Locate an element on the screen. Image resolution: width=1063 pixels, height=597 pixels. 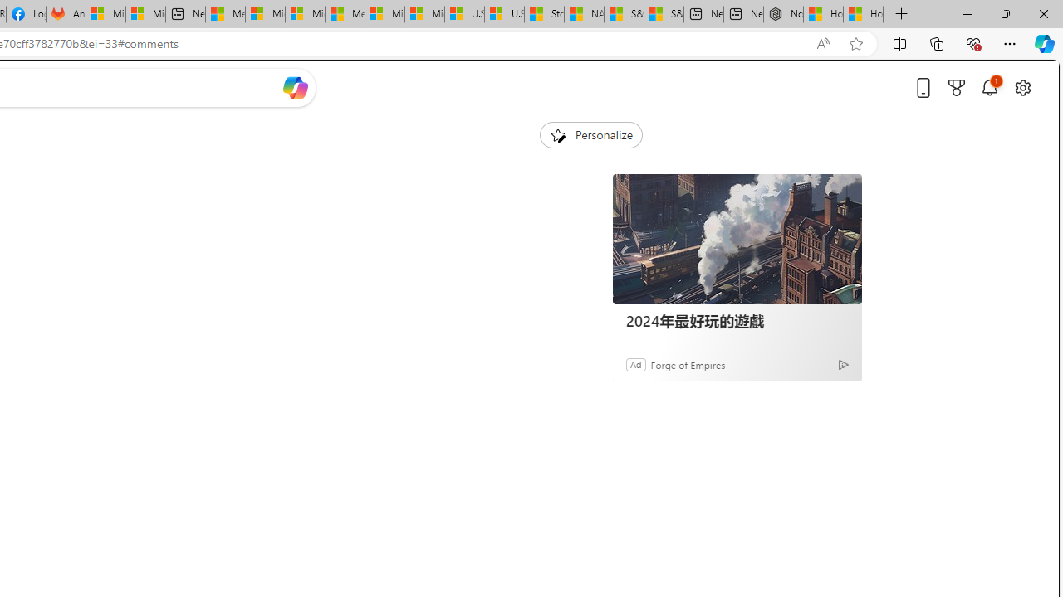
'To get missing image descriptions, open the context menu.' is located at coordinates (557, 133).